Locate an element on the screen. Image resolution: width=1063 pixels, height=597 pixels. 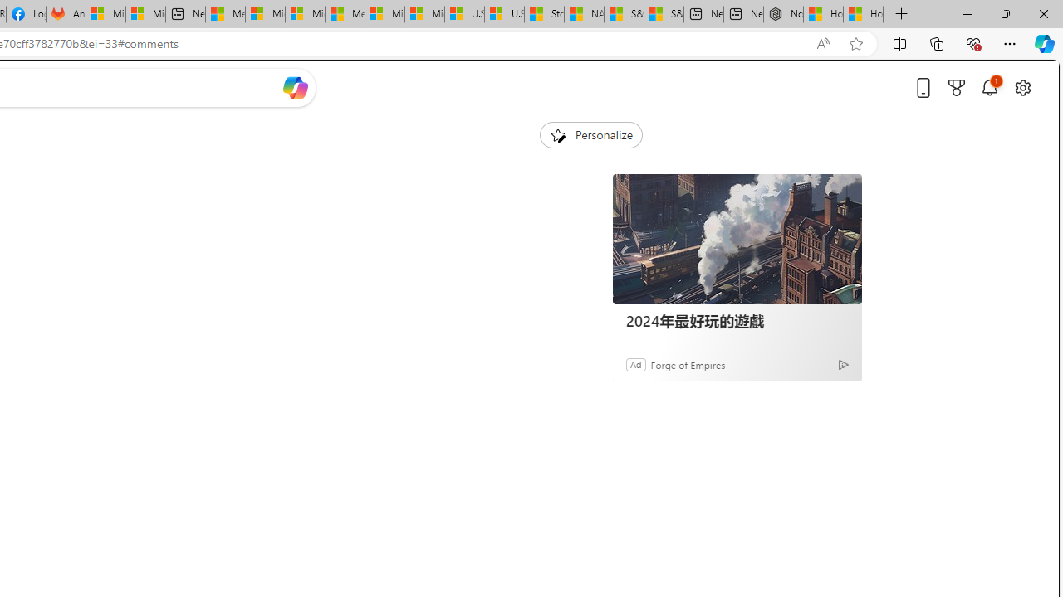
'To get missing image descriptions, open the context menu.' is located at coordinates (557, 133).